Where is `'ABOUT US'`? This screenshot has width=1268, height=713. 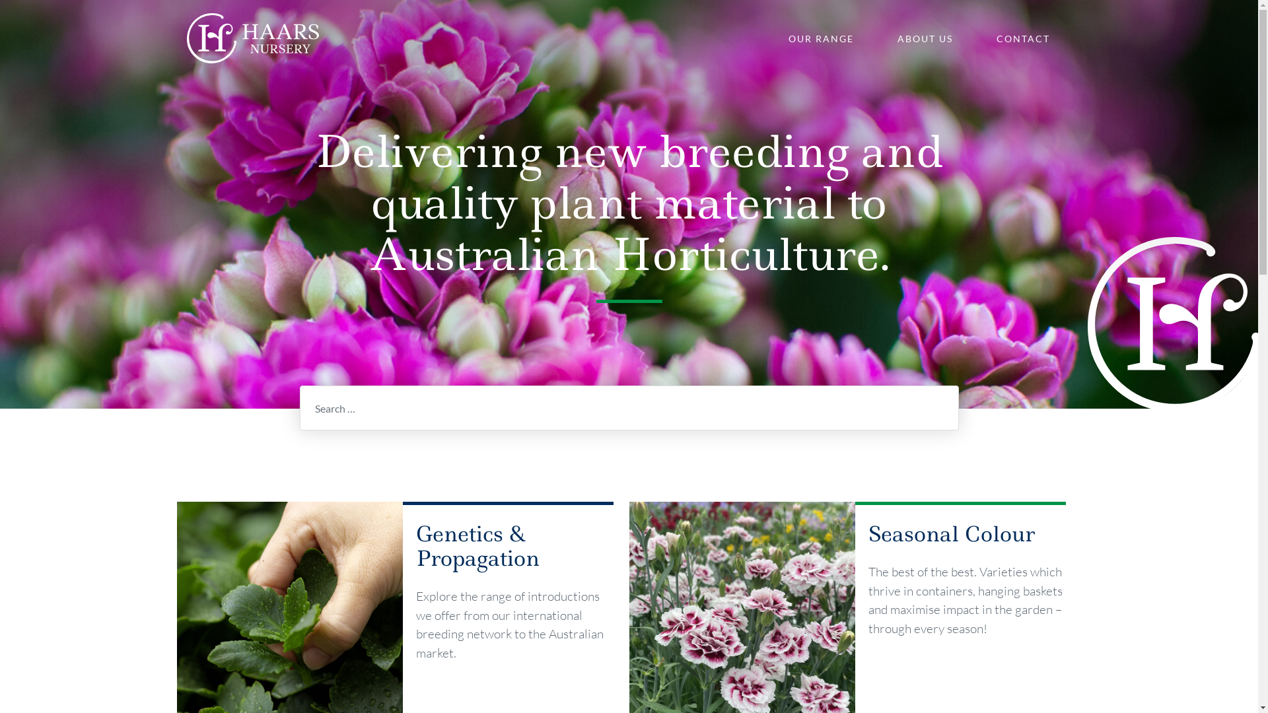 'ABOUT US' is located at coordinates (924, 38).